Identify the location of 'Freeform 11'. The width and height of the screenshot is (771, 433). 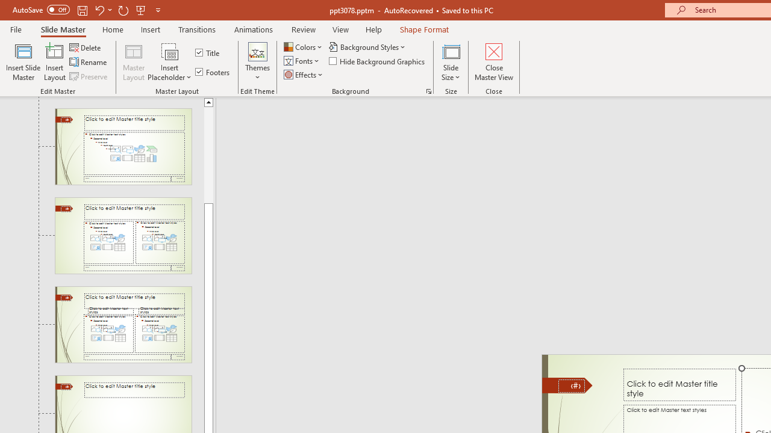
(567, 385).